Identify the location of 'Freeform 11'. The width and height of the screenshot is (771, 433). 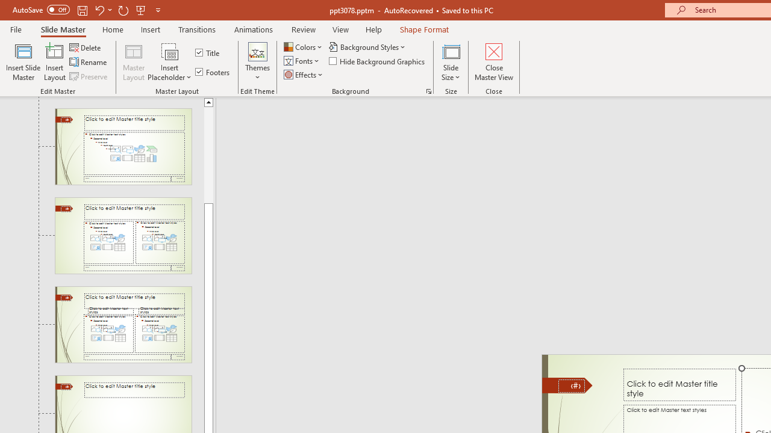
(567, 385).